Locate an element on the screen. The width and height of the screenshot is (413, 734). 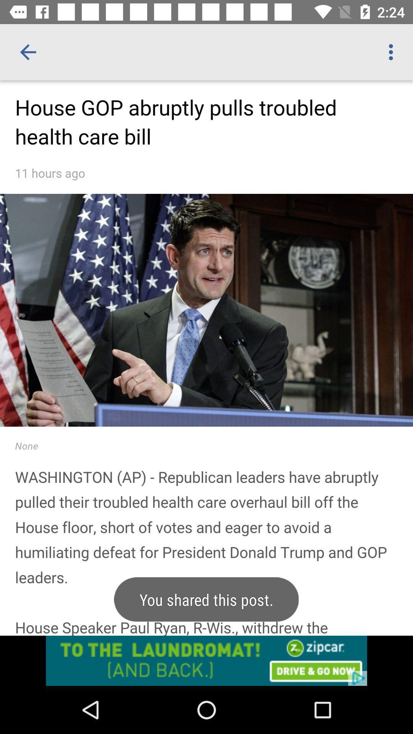
print screen is located at coordinates (206, 383).